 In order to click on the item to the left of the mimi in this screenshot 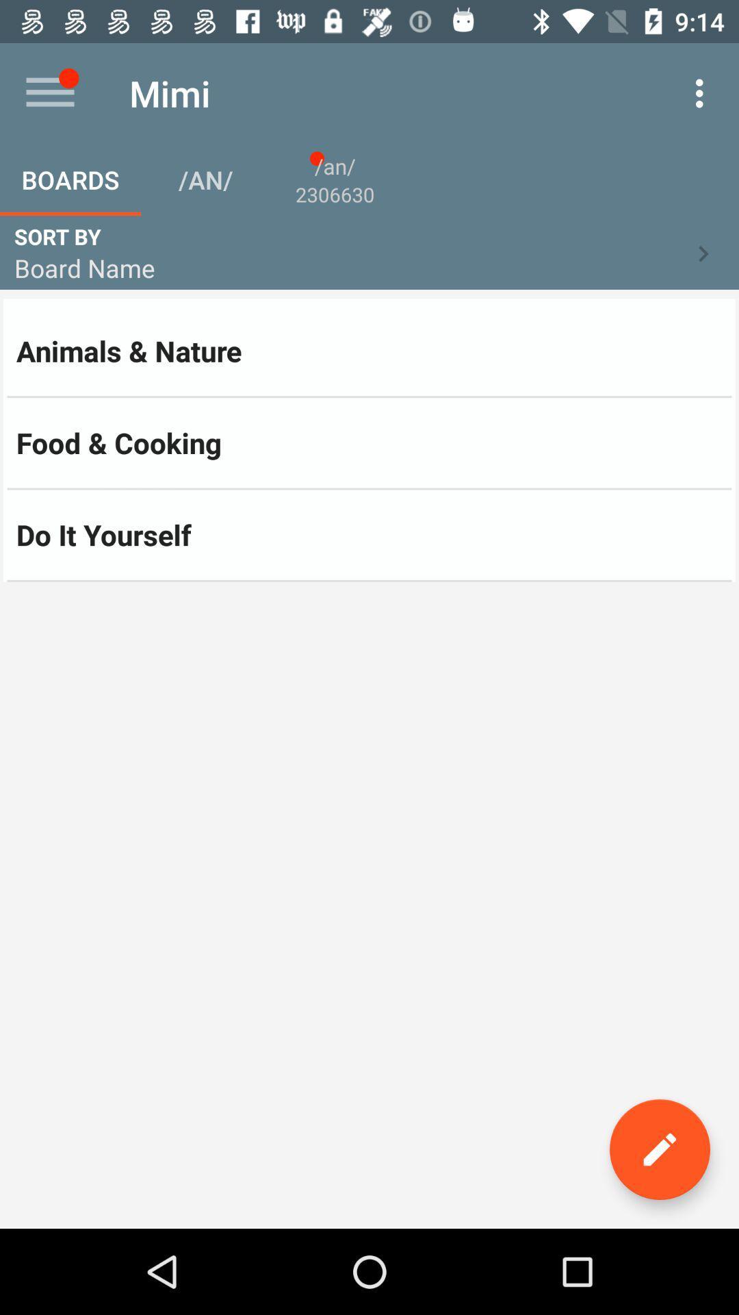, I will do `click(49, 92)`.